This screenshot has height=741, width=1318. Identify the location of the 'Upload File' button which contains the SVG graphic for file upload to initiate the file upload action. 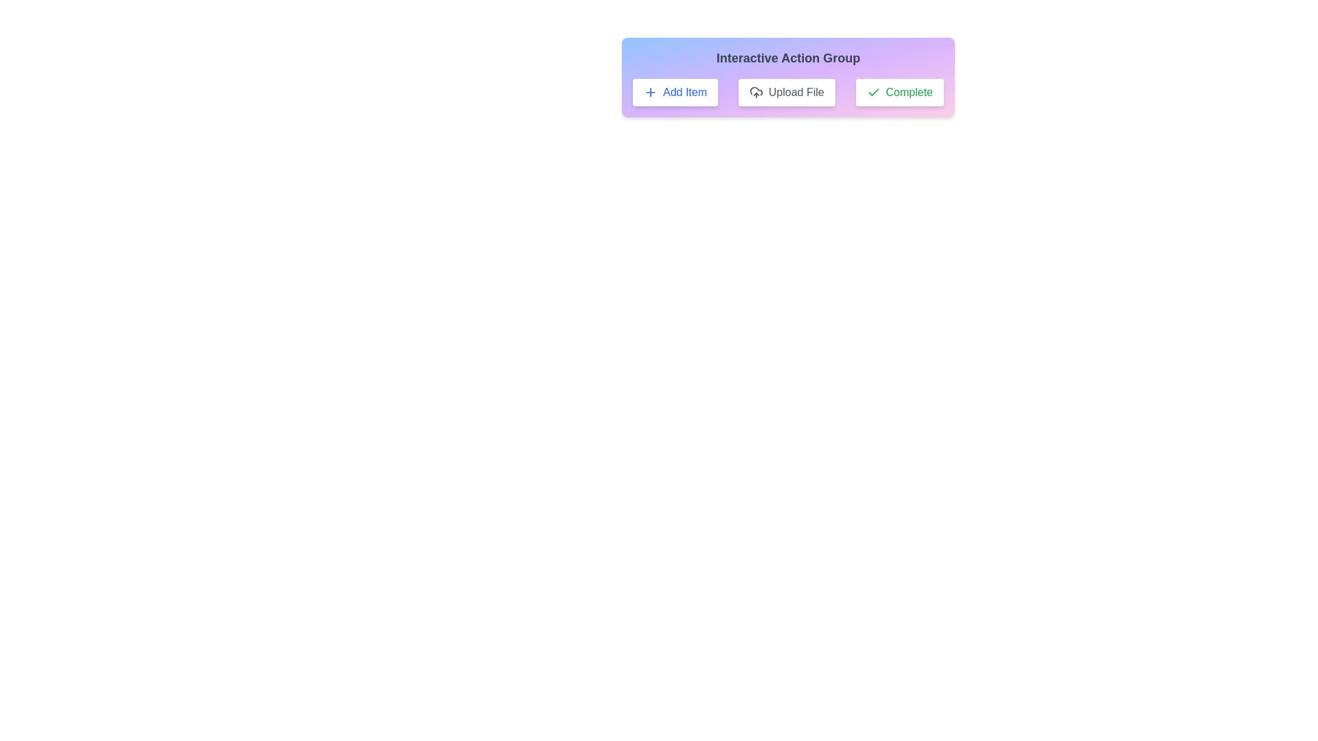
(755, 91).